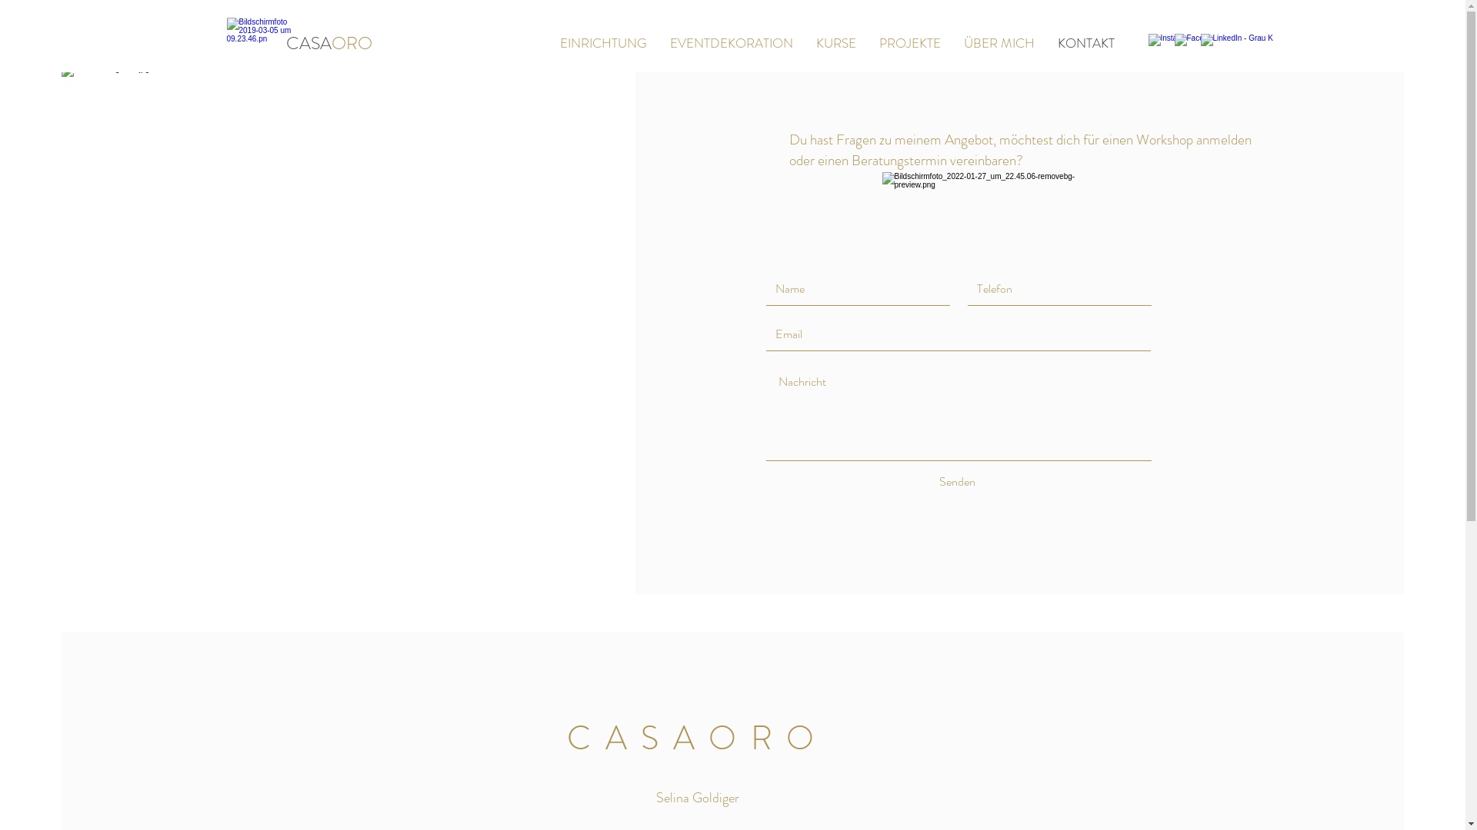  I want to click on 'EINRICHTUNG', so click(602, 42).